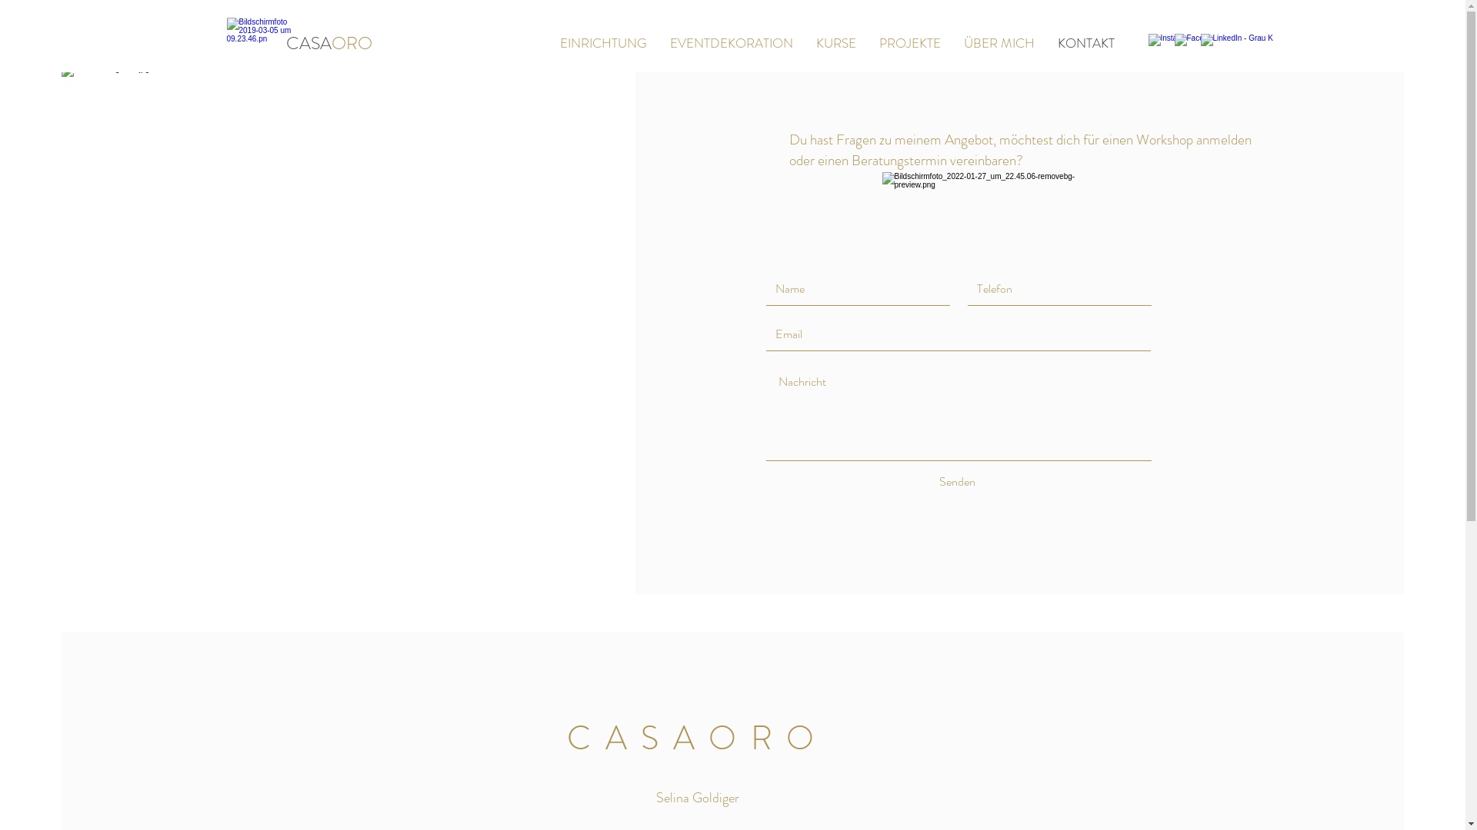  I want to click on 'EINRICHTUNG', so click(602, 42).